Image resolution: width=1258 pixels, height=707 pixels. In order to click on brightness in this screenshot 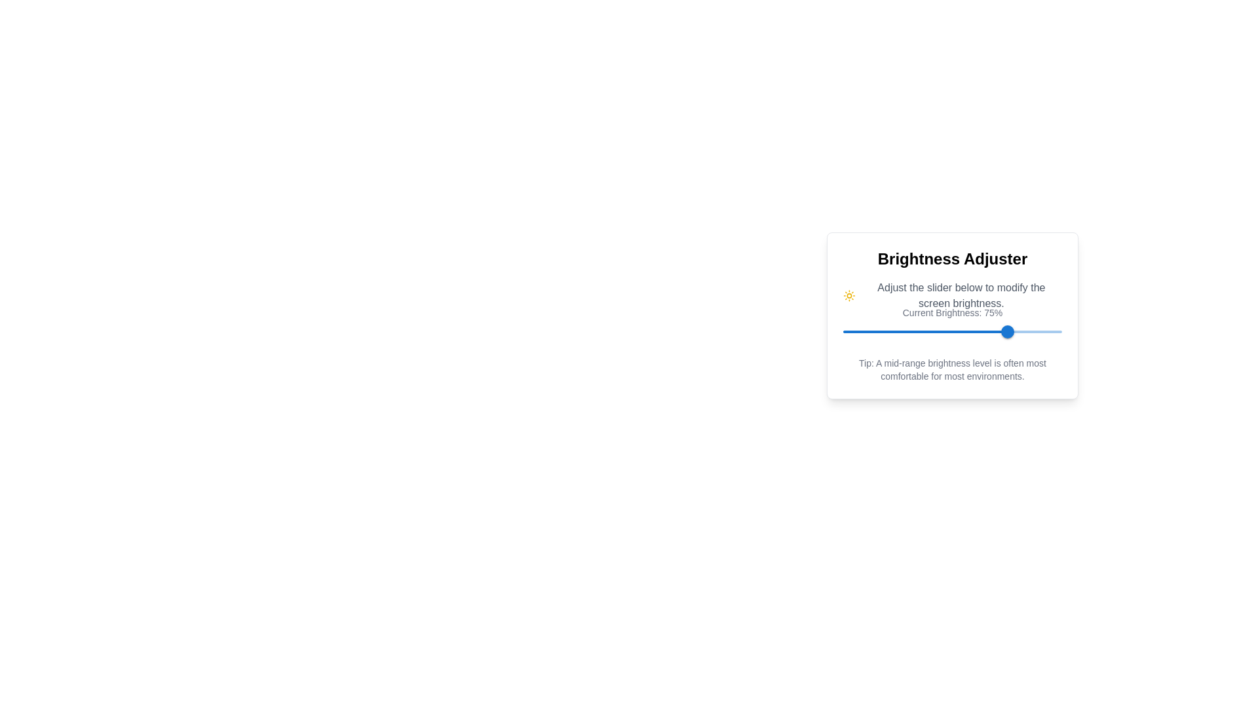, I will do `click(1045, 331)`.